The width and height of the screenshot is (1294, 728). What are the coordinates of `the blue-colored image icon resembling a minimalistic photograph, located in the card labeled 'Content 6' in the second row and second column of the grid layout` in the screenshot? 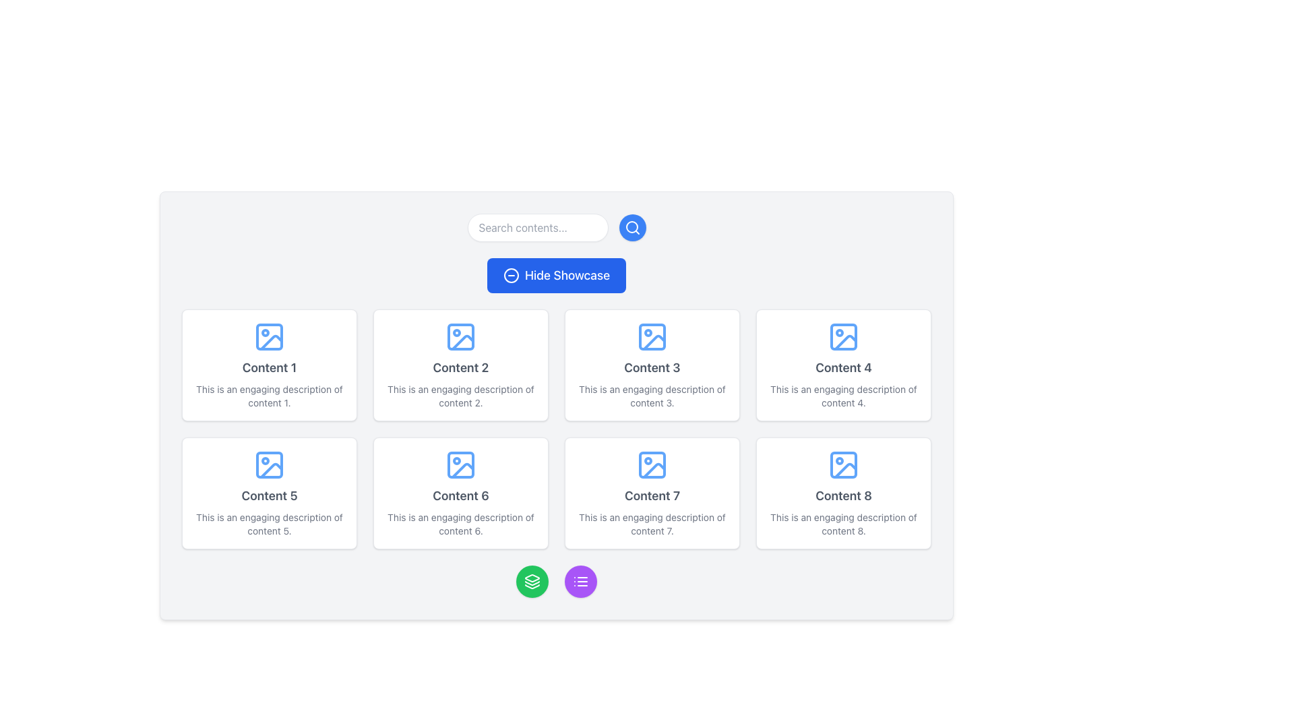 It's located at (461, 464).